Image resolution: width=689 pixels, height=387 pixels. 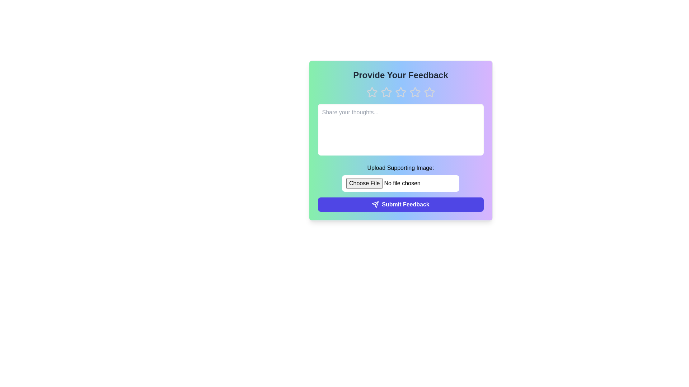 What do you see at coordinates (400, 92) in the screenshot?
I see `the third star icon in the five-star rating component` at bounding box center [400, 92].